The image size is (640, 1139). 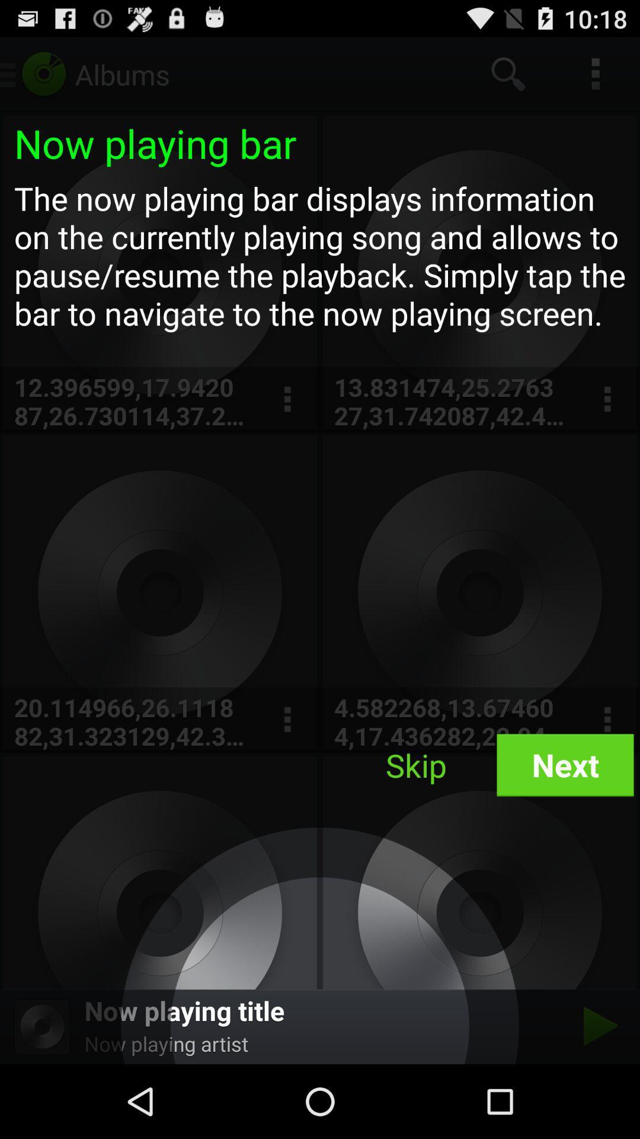 What do you see at coordinates (287, 719) in the screenshot?
I see `click the option` at bounding box center [287, 719].